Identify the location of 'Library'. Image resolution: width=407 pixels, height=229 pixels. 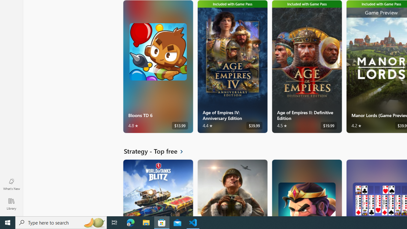
(11, 204).